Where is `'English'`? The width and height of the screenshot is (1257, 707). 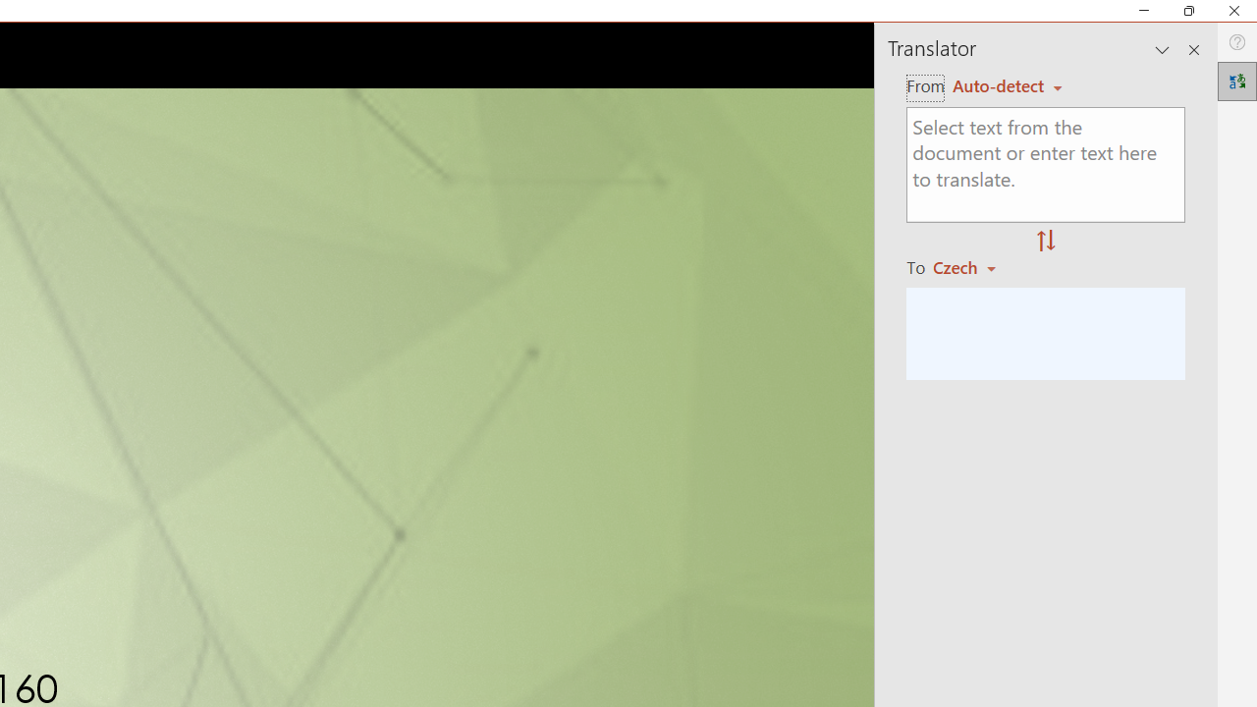 'English' is located at coordinates (1007, 84).